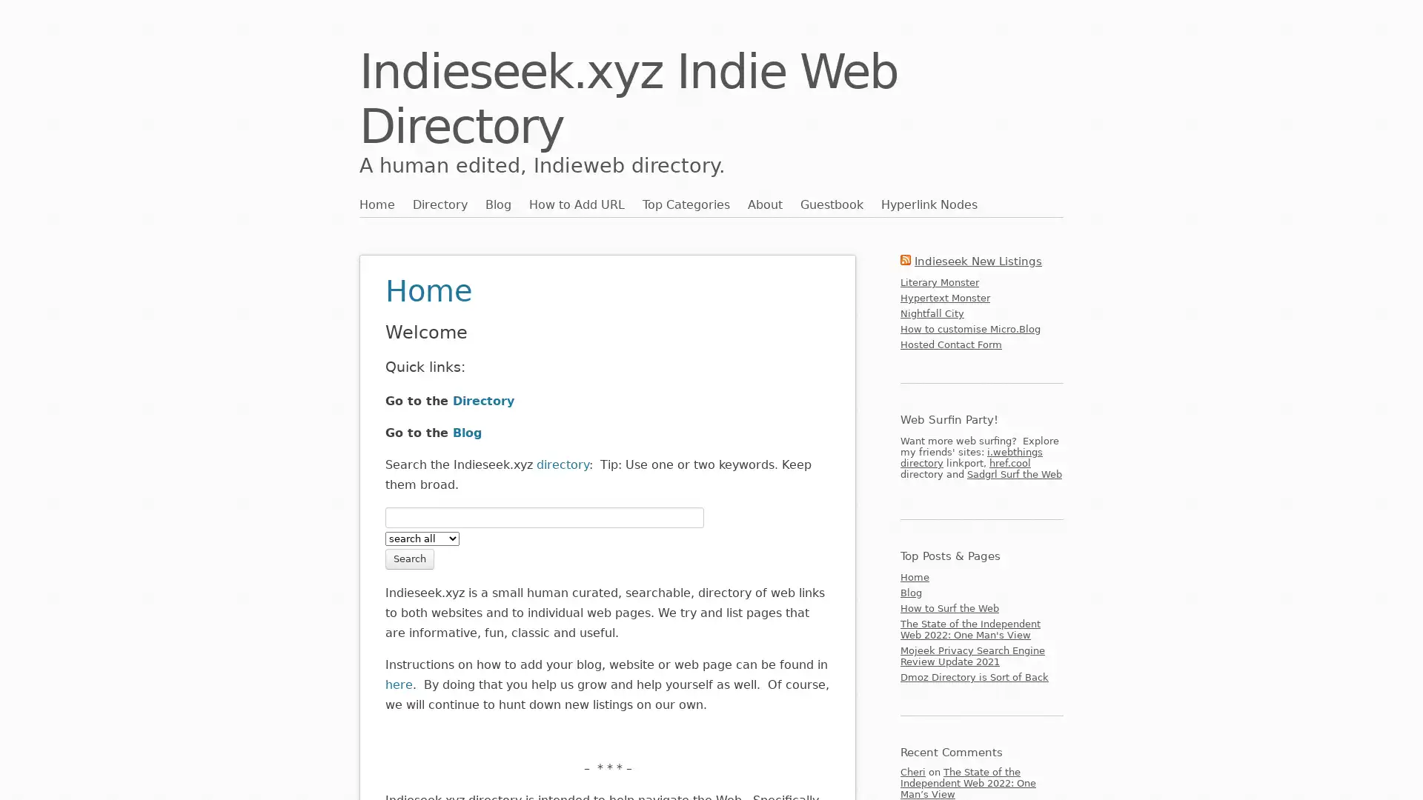 The width and height of the screenshot is (1423, 800). What do you see at coordinates (409, 558) in the screenshot?
I see `Search` at bounding box center [409, 558].